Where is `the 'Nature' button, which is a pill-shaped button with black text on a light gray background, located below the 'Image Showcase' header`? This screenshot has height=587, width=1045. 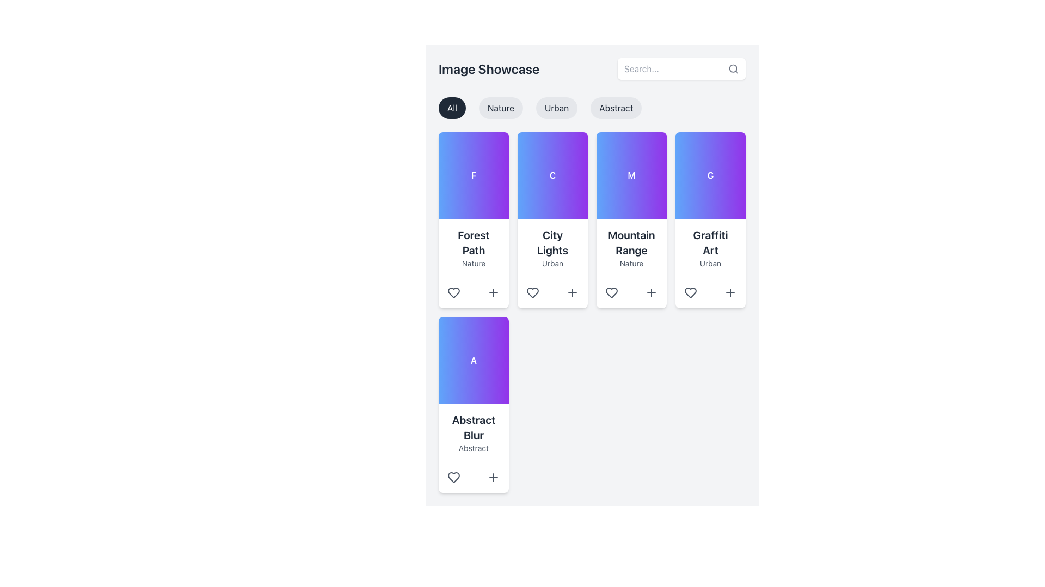
the 'Nature' button, which is a pill-shaped button with black text on a light gray background, located below the 'Image Showcase' header is located at coordinates (500, 108).